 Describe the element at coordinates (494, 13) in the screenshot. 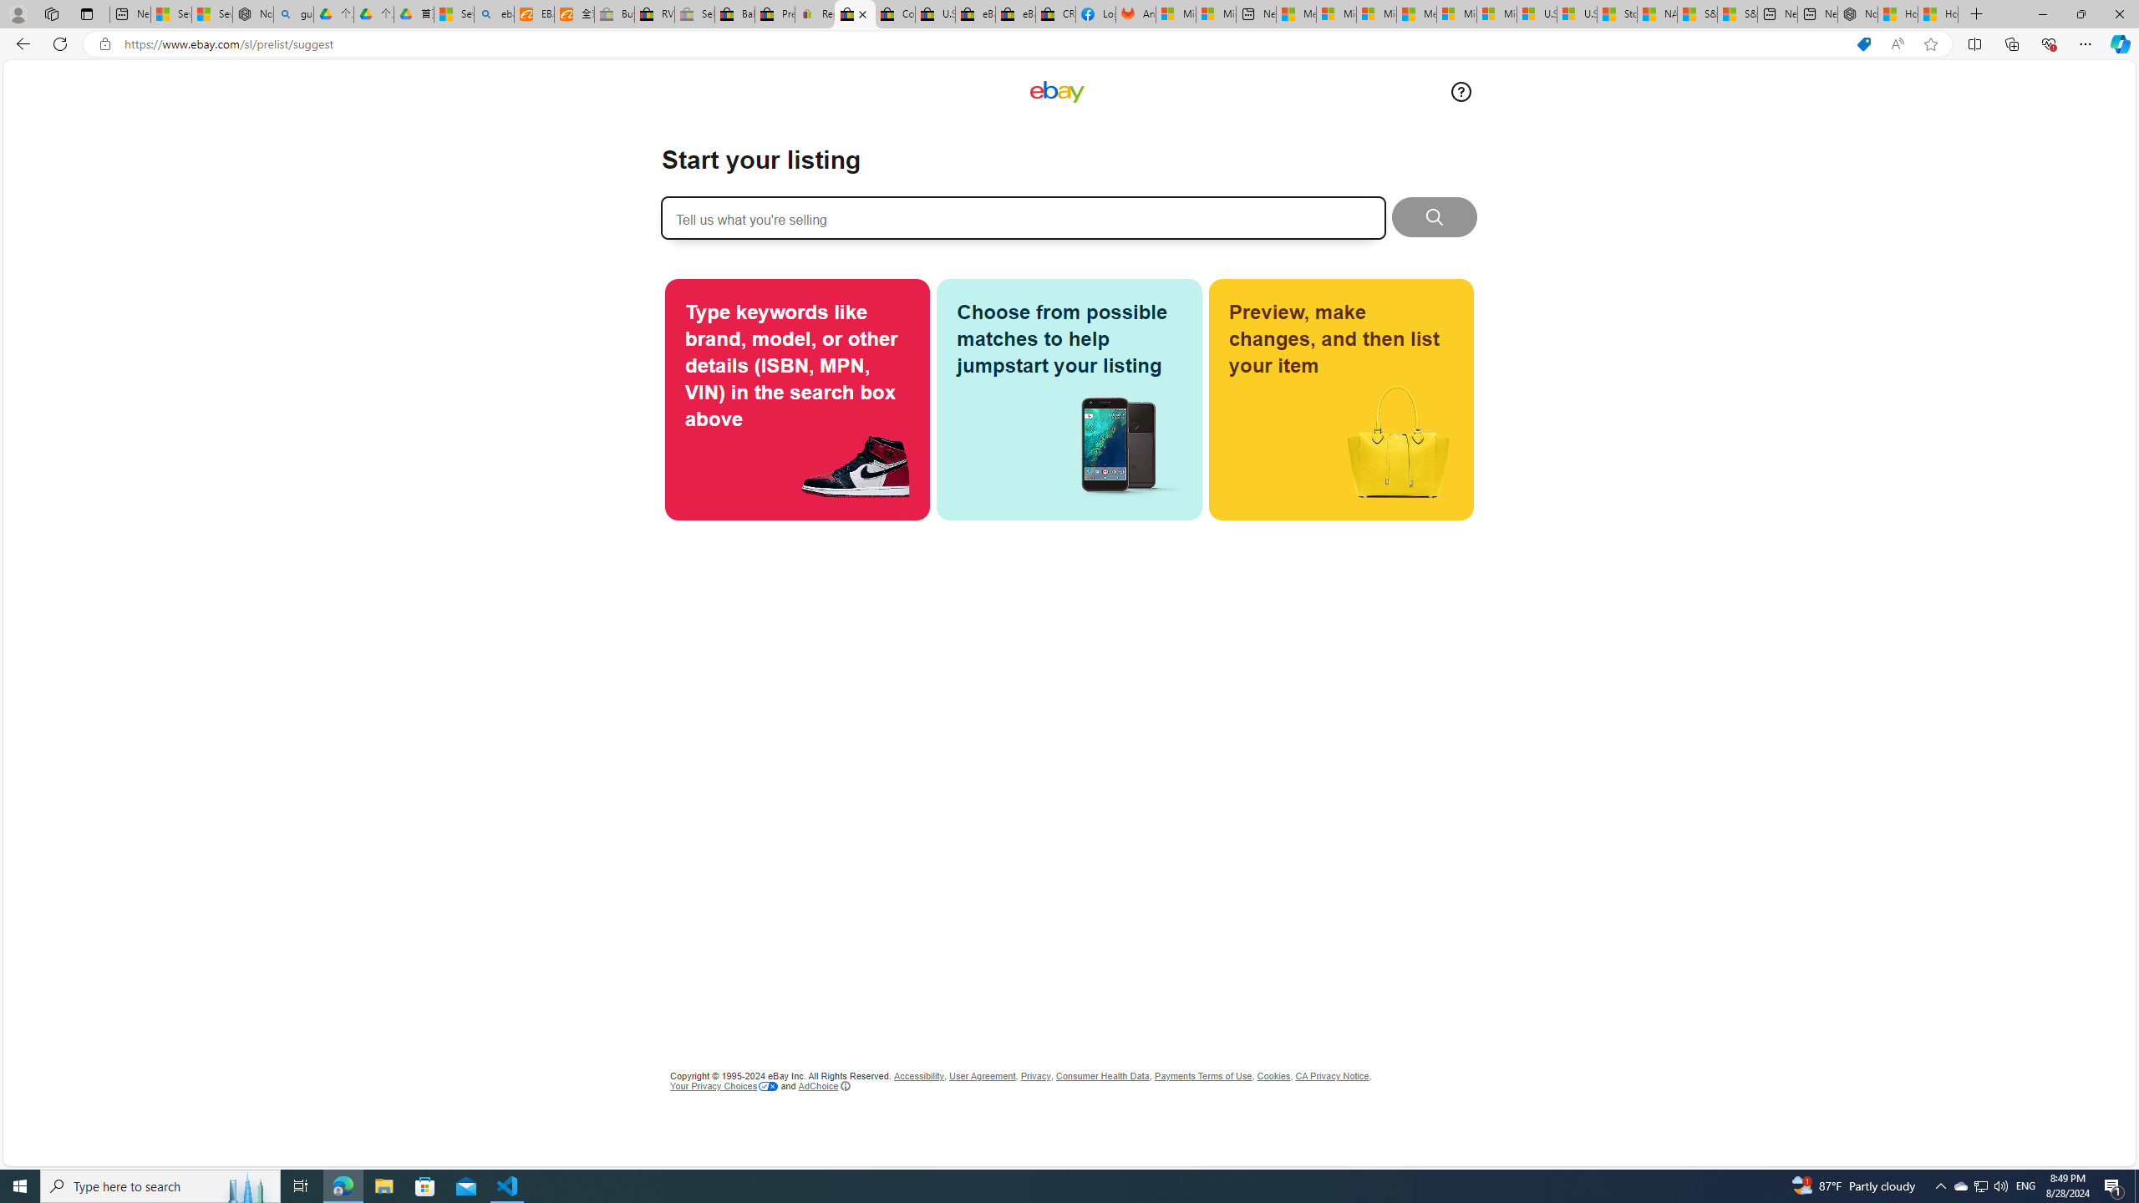

I see `'ebay - Search'` at that location.